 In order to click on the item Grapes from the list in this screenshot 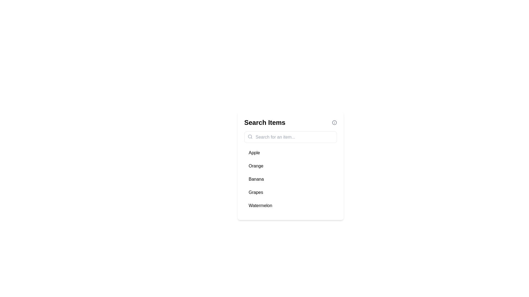, I will do `click(290, 192)`.